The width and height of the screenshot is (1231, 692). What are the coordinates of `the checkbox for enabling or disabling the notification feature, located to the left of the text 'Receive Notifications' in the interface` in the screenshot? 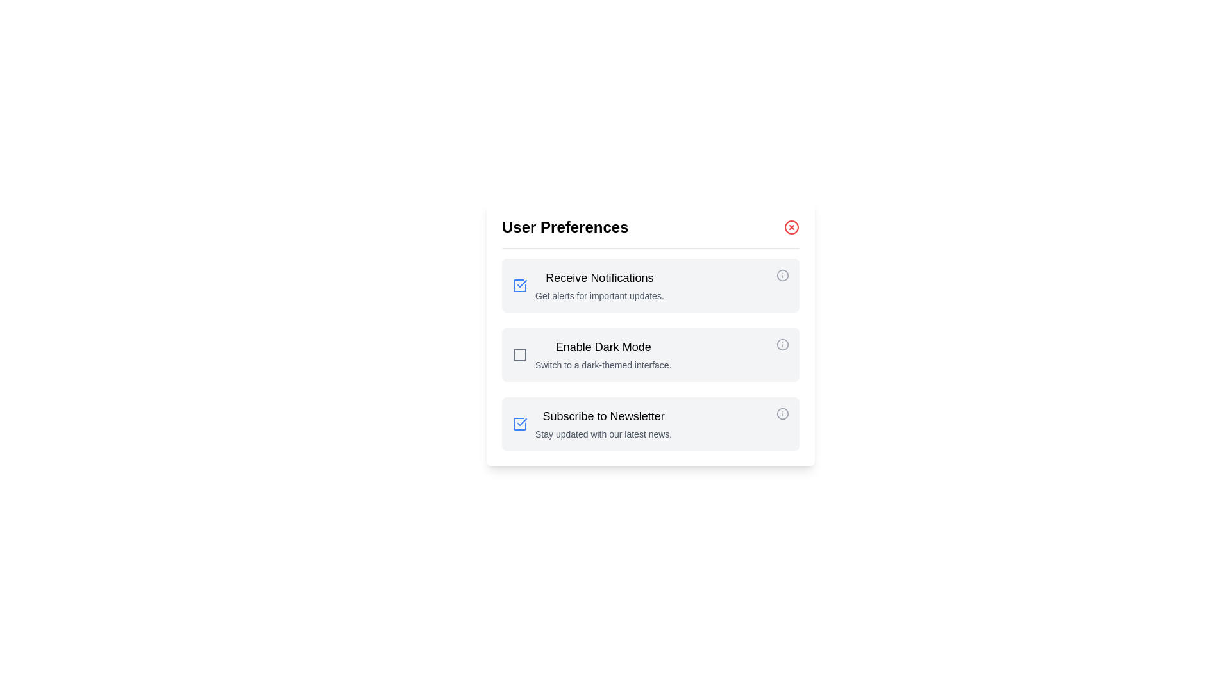 It's located at (523, 285).